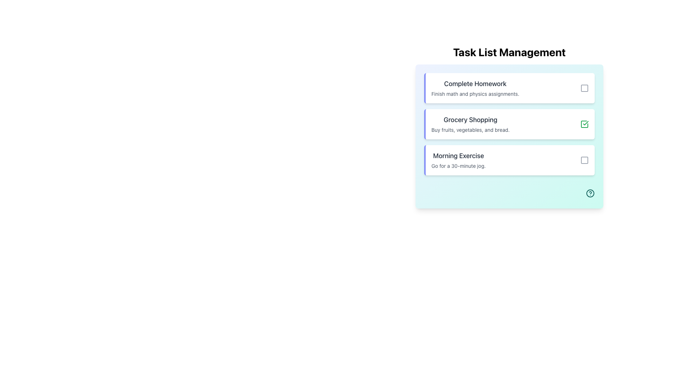 Image resolution: width=692 pixels, height=389 pixels. Describe the element at coordinates (590, 193) in the screenshot. I see `the circular teal-bordered icon with a question mark at the center, located at the bottom right corner of the pale cyan card interface for contextual options` at that location.